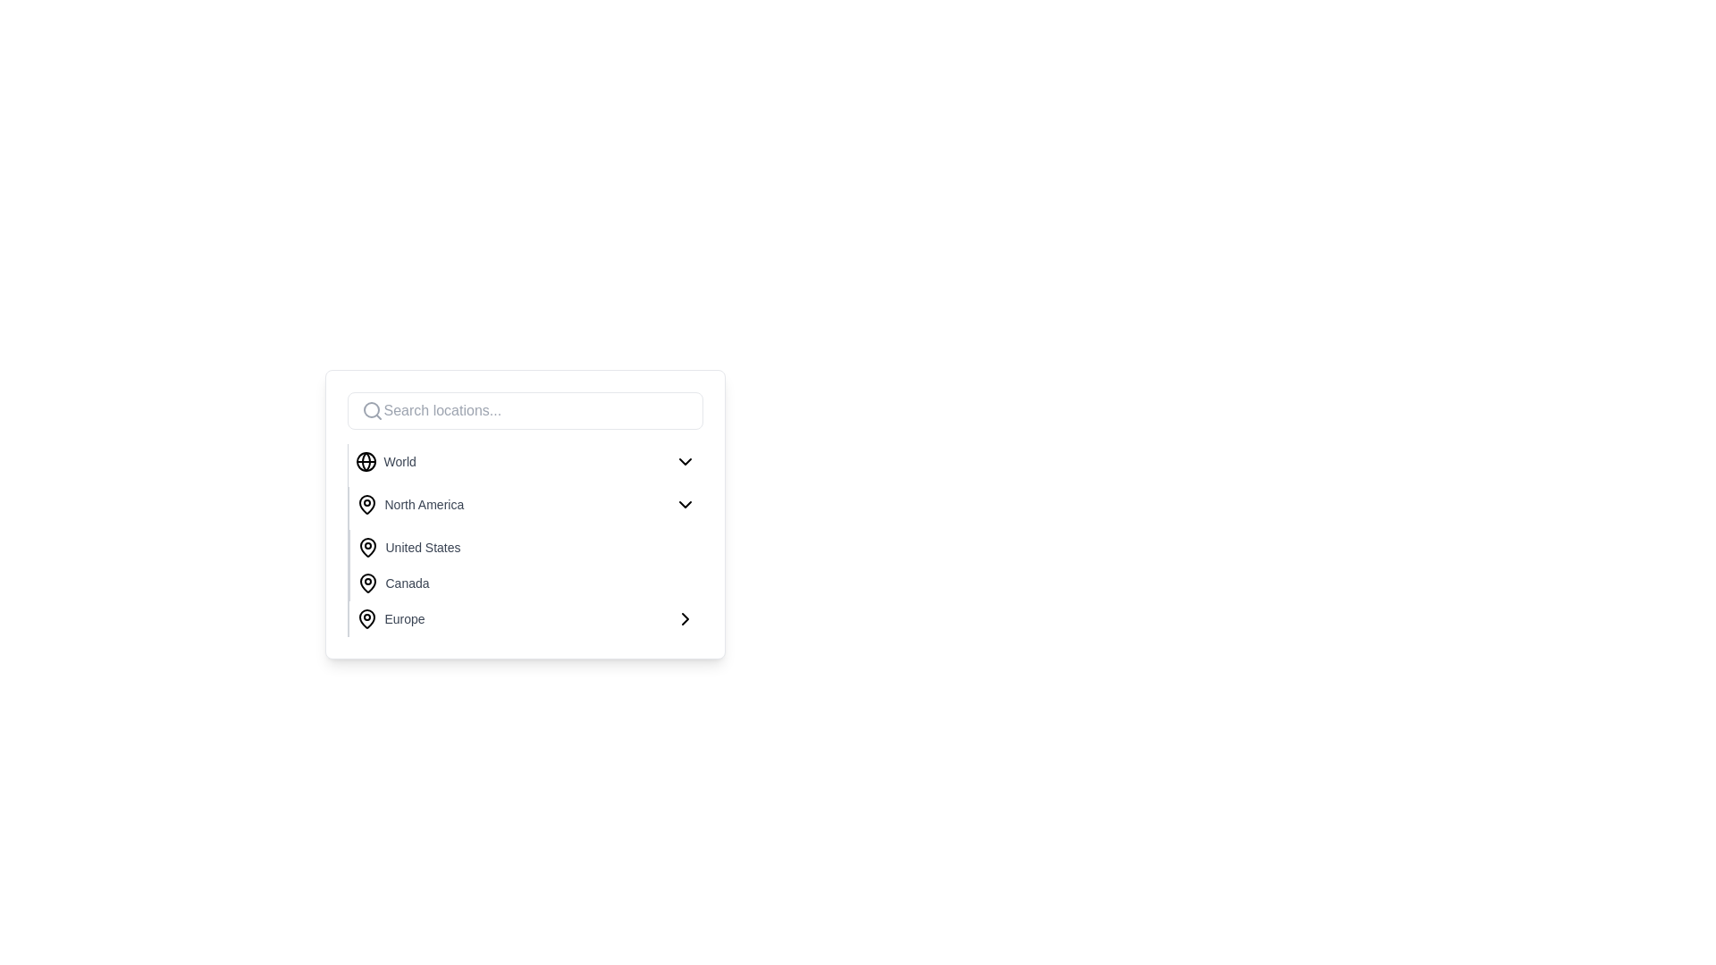  What do you see at coordinates (684, 504) in the screenshot?
I see `the downward-facing chevron icon, which is located at the far right of the 'North America' list item` at bounding box center [684, 504].